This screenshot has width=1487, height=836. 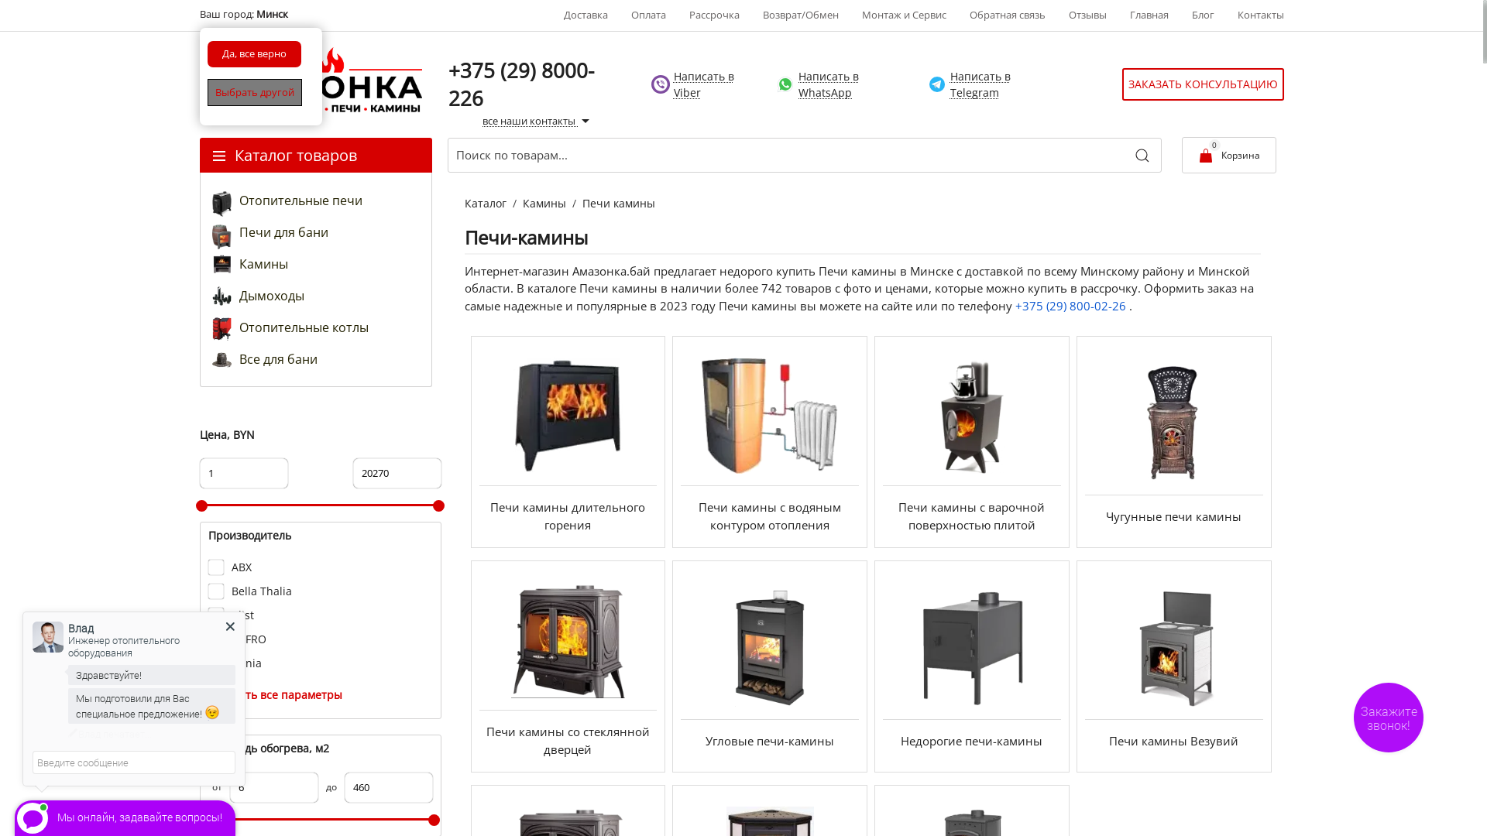 What do you see at coordinates (1015, 305) in the screenshot?
I see `'+375 (29) 800-02-26'` at bounding box center [1015, 305].